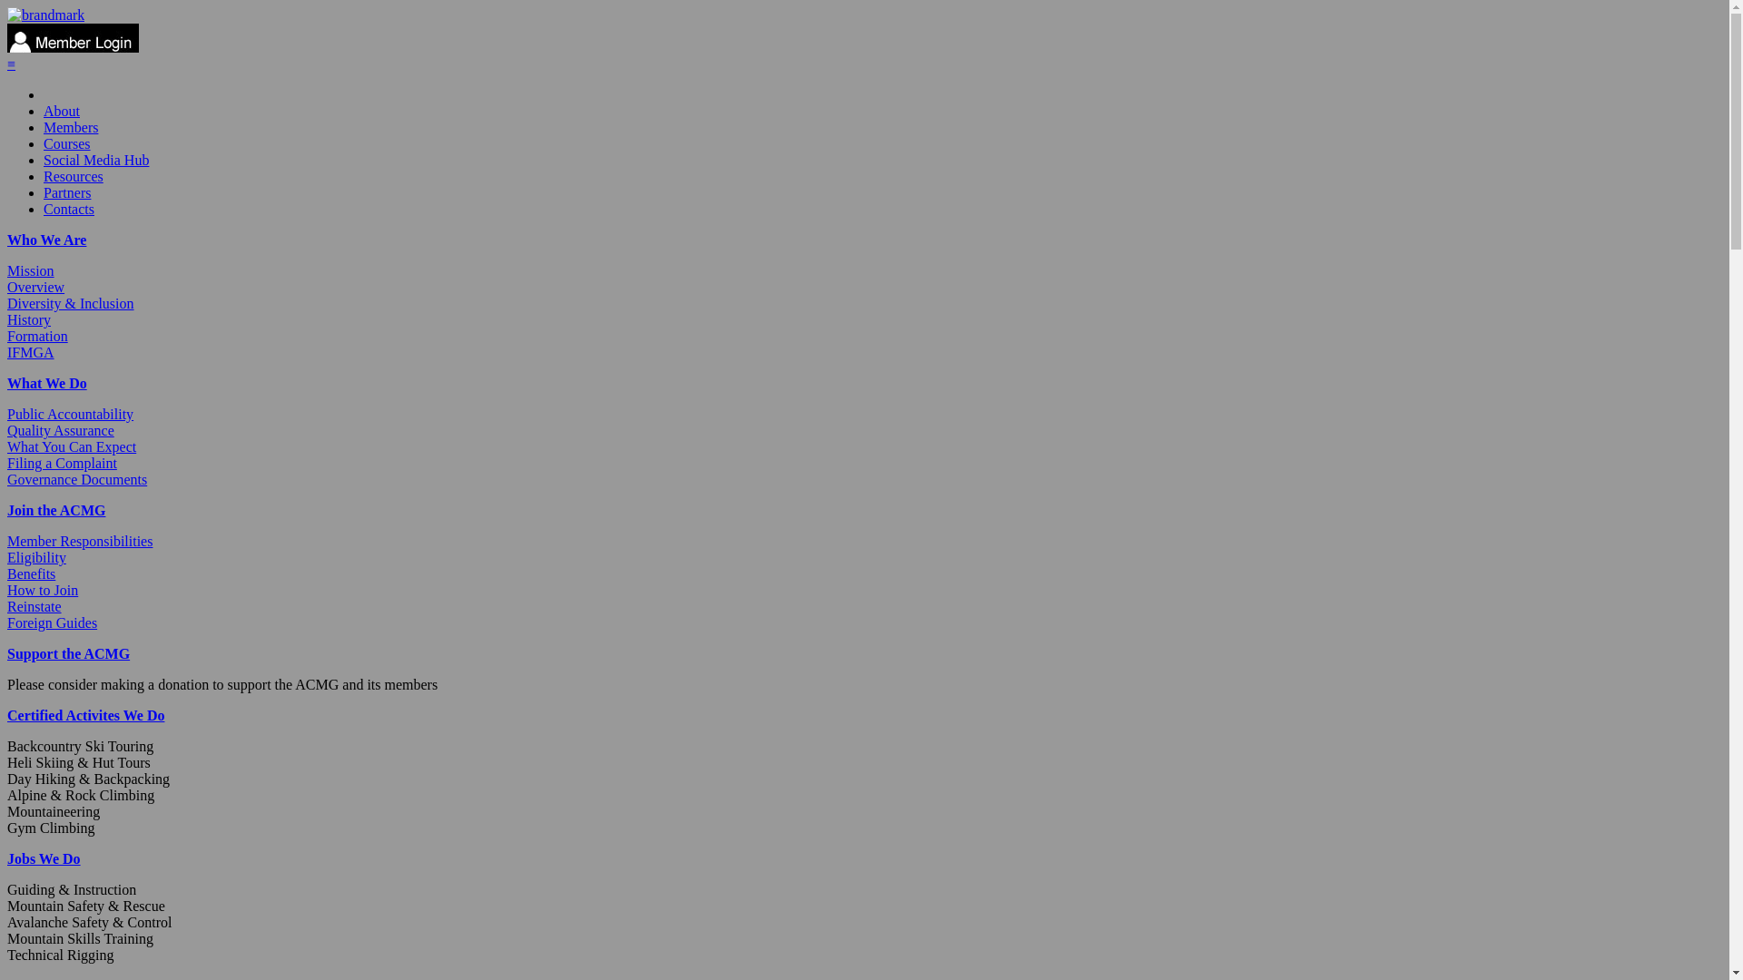  I want to click on 'Jobs We Do', so click(44, 857).